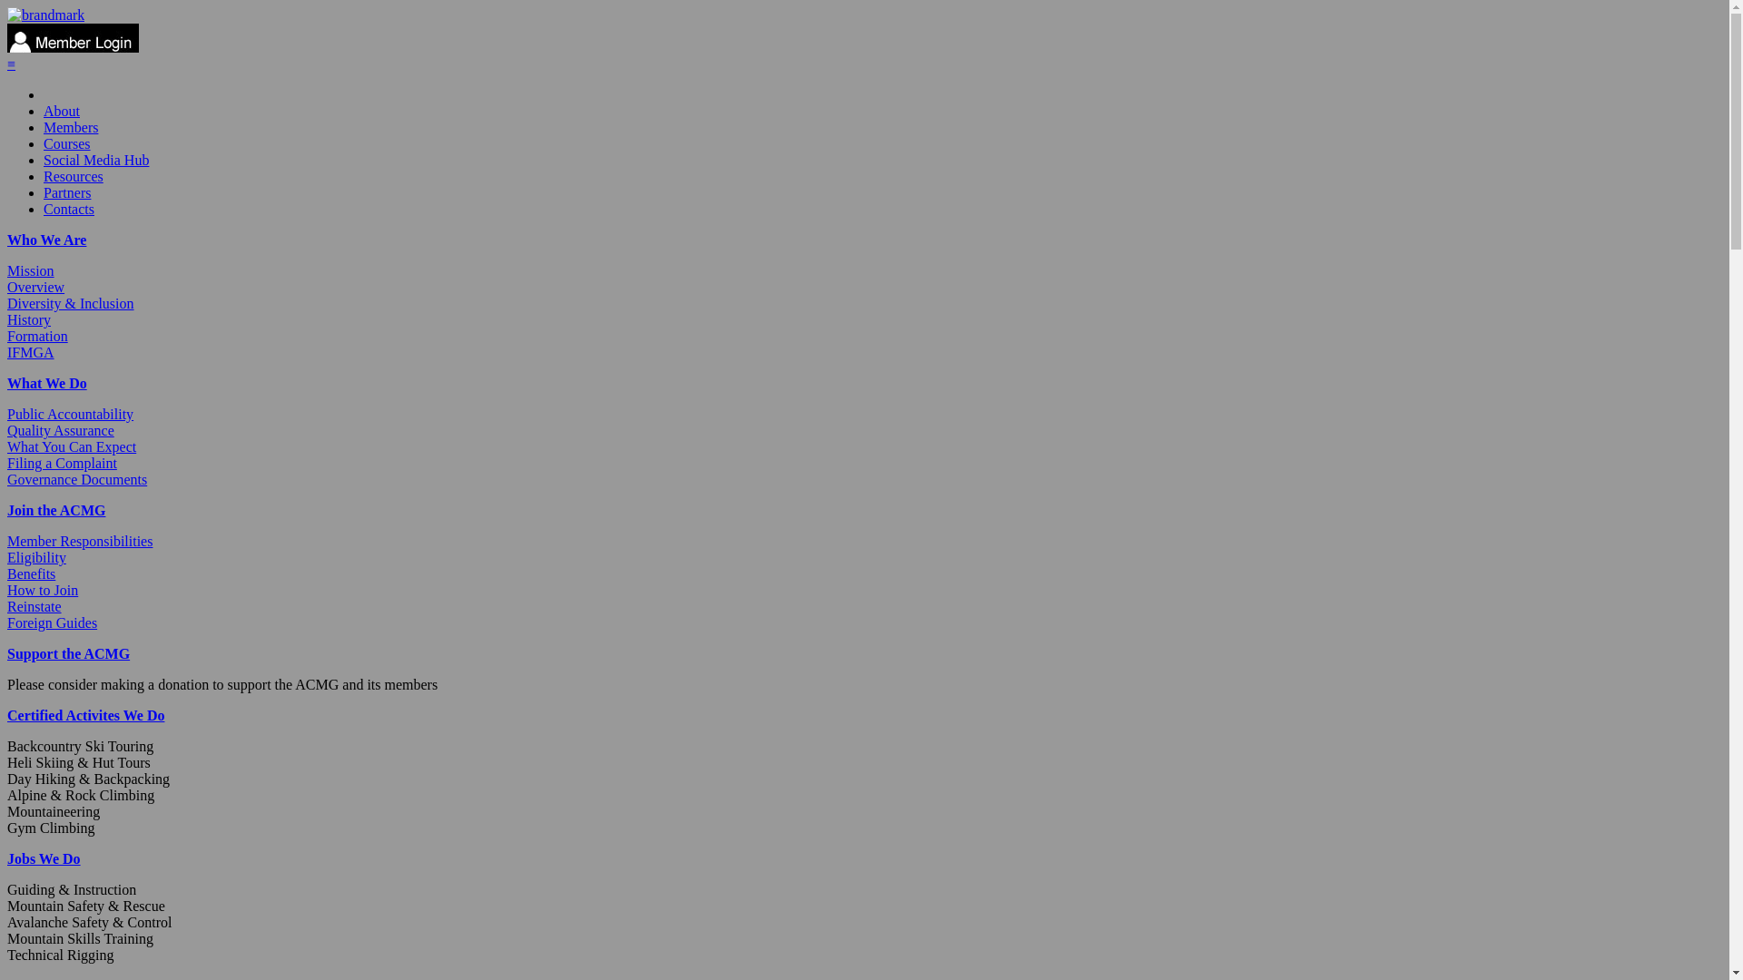  I want to click on 'Jobs We Do', so click(44, 857).